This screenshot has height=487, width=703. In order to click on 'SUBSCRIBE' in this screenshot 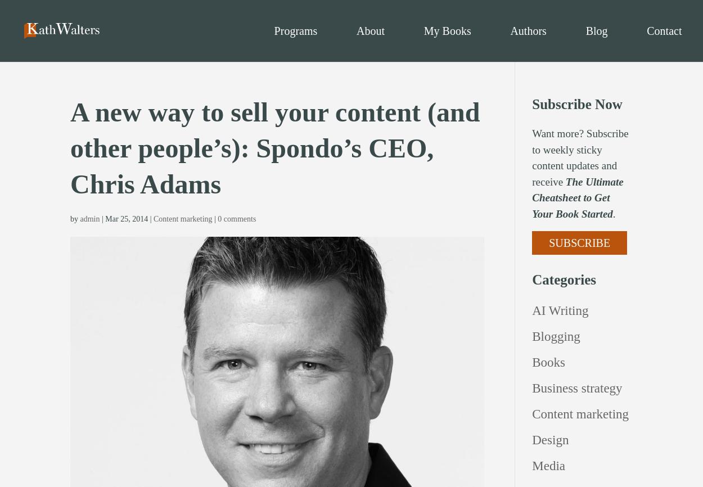, I will do `click(579, 242)`.